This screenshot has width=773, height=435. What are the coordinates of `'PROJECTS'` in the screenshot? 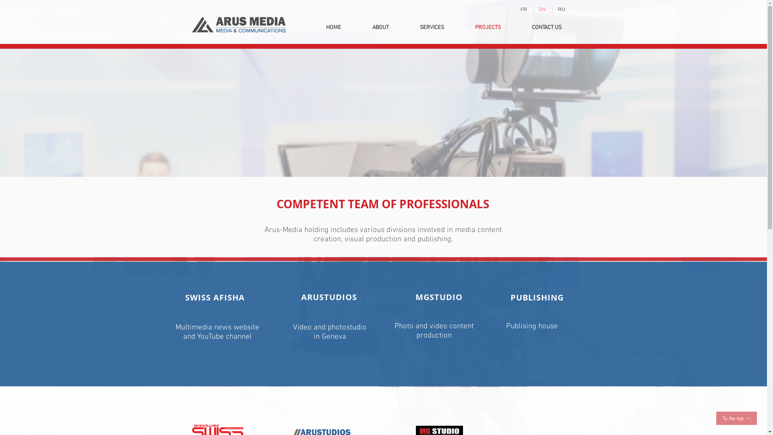 It's located at (460, 27).